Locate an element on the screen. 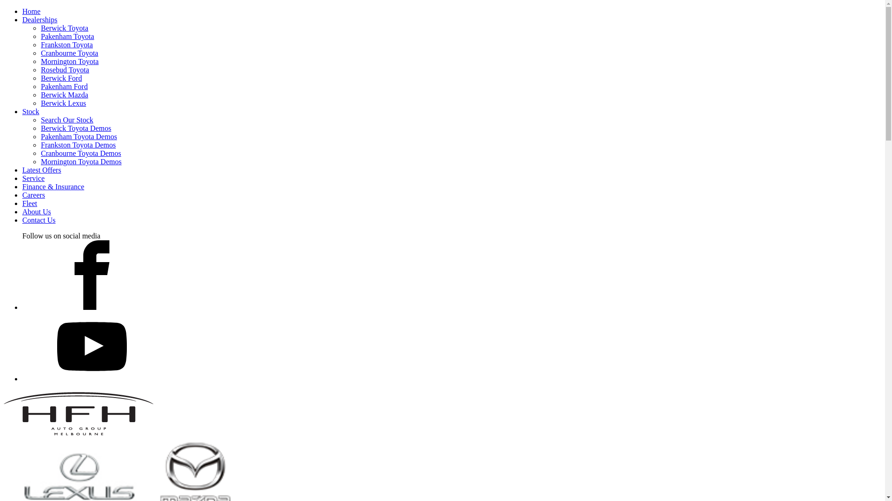 The width and height of the screenshot is (892, 501). 'Pakenham Toyota Demos' is located at coordinates (79, 136).